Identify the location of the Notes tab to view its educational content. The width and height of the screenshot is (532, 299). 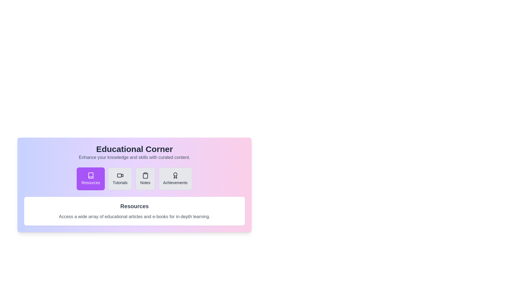
(145, 179).